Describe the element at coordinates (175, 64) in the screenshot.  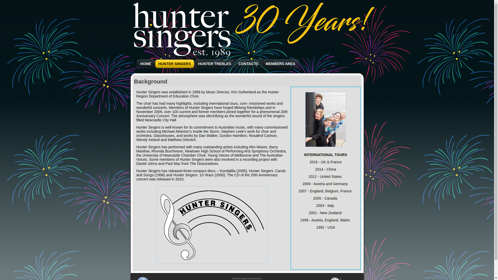
I see `'HUNTER SINGERS'` at that location.